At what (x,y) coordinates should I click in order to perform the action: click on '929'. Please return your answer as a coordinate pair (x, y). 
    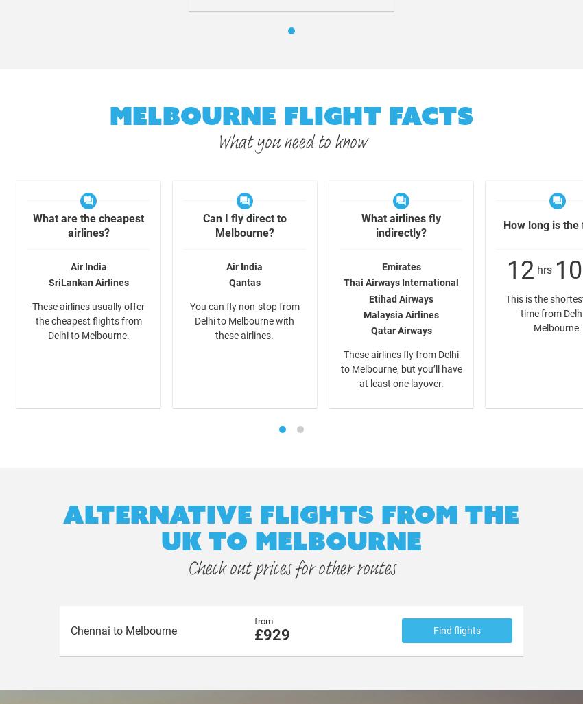
    Looking at the image, I should click on (263, 634).